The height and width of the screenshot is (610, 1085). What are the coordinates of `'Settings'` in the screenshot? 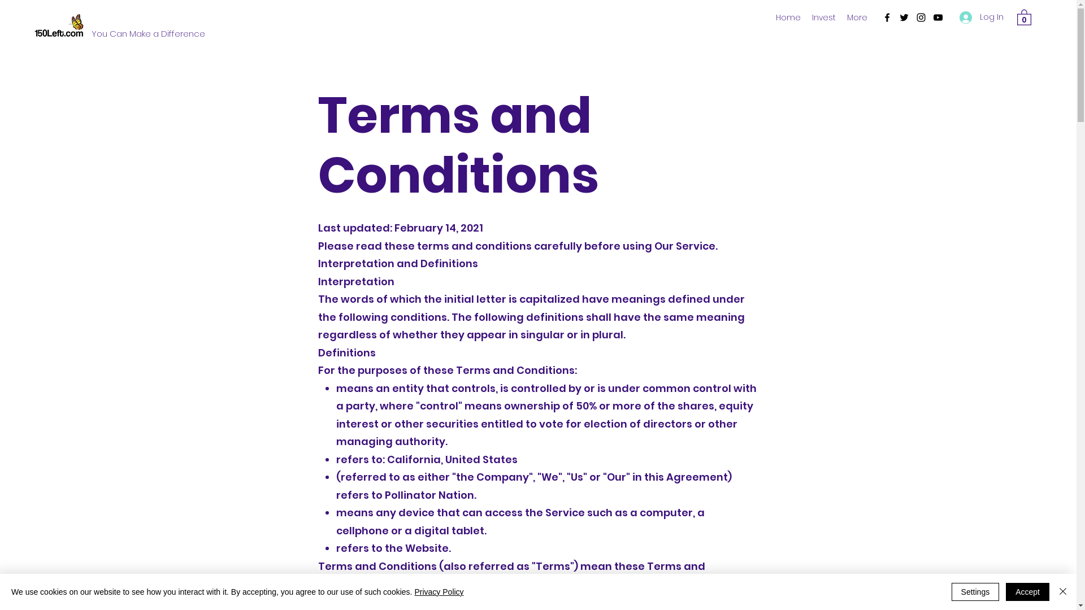 It's located at (951, 591).